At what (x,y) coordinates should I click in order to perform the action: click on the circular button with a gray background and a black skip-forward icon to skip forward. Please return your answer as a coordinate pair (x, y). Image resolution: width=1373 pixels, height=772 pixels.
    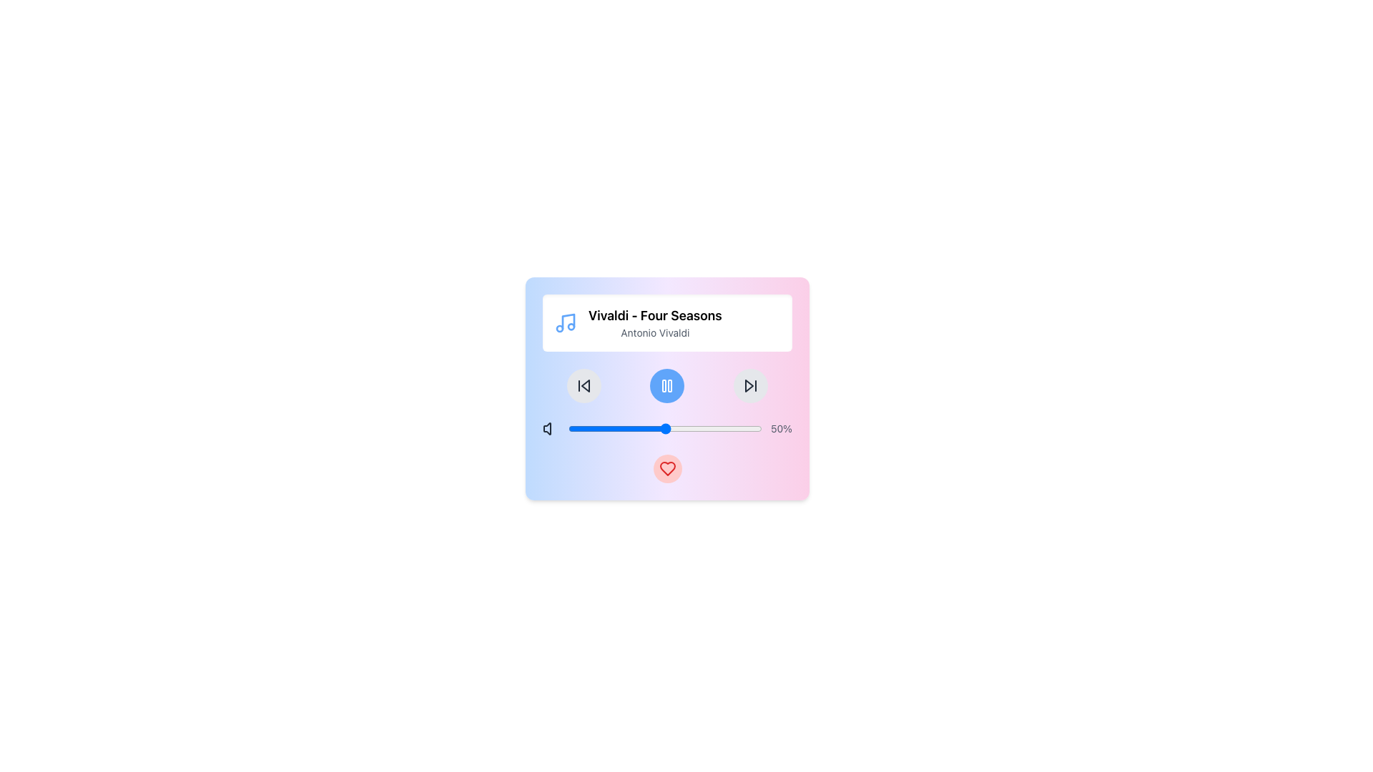
    Looking at the image, I should click on (749, 386).